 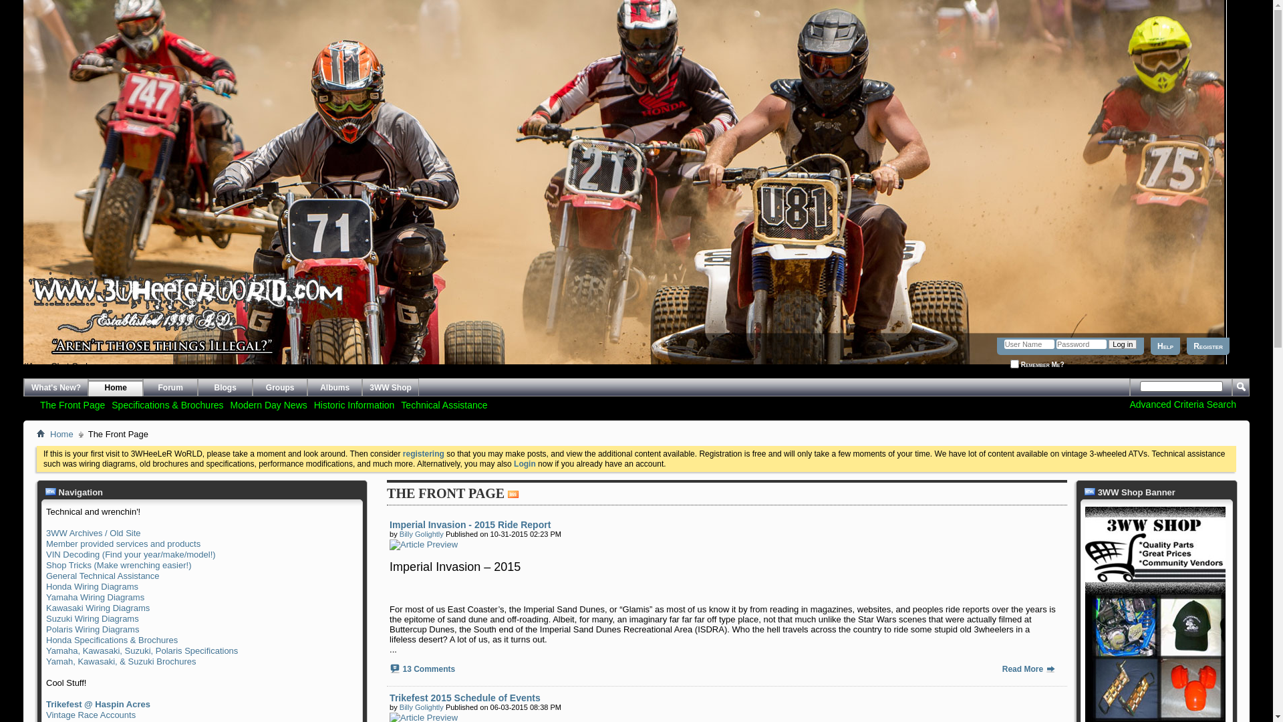 I want to click on '3WW Archives / Old Site', so click(x=45, y=532).